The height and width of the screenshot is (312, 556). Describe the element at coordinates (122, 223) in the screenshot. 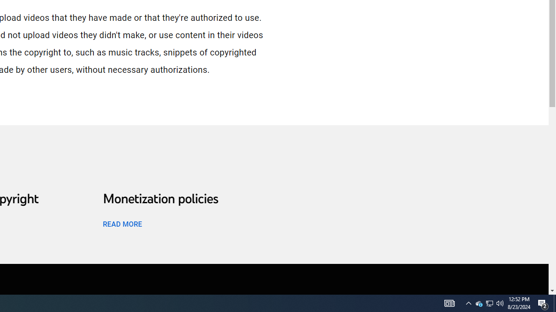

I see `'READ MORE'` at that location.